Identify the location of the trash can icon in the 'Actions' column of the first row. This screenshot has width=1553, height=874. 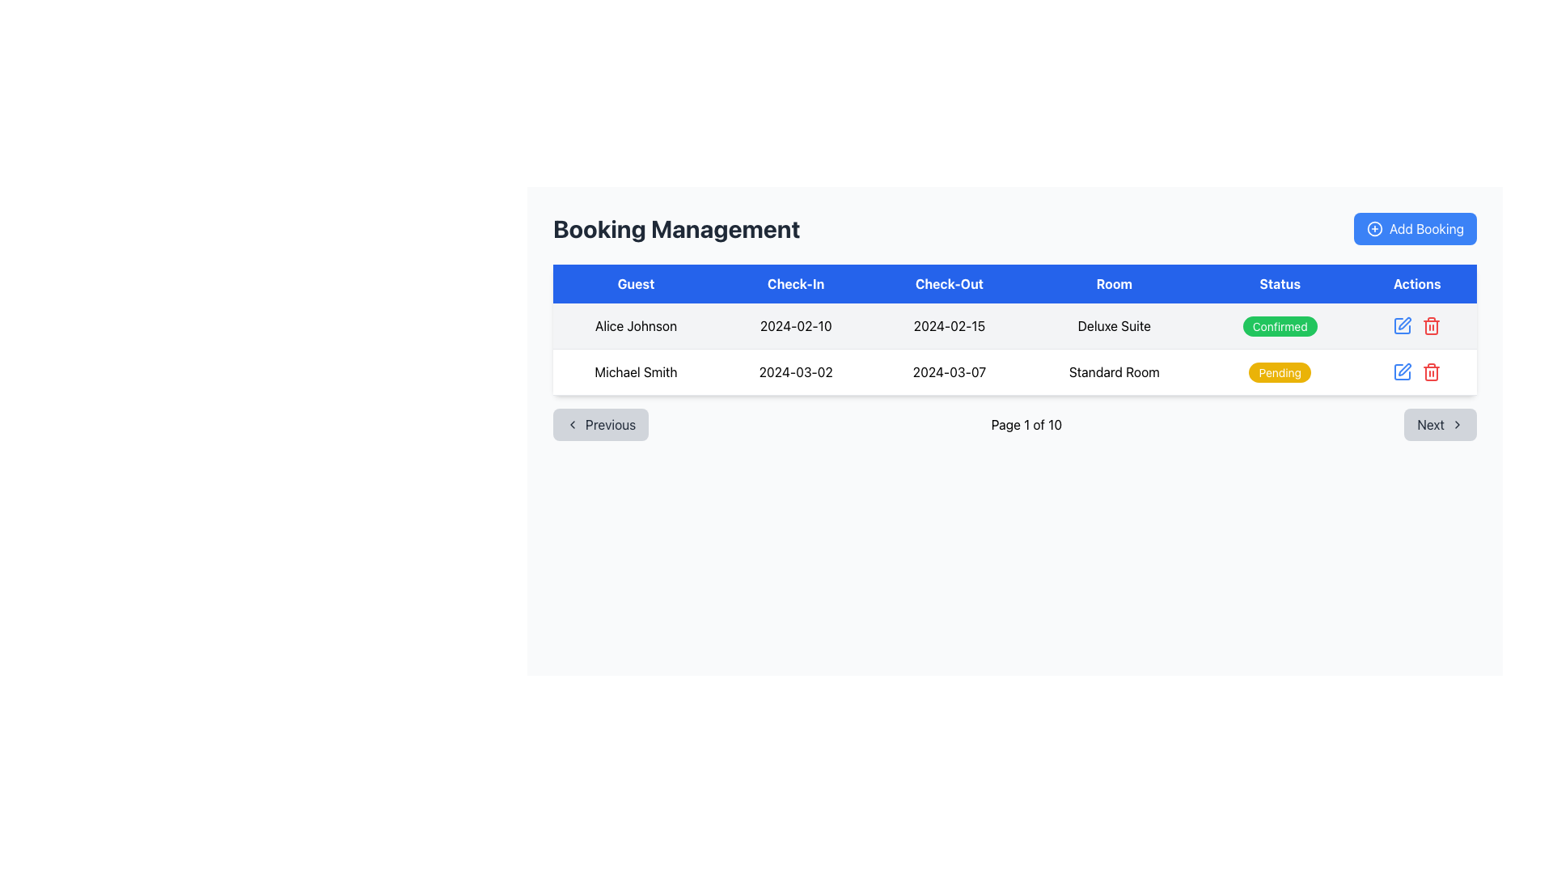
(1432, 371).